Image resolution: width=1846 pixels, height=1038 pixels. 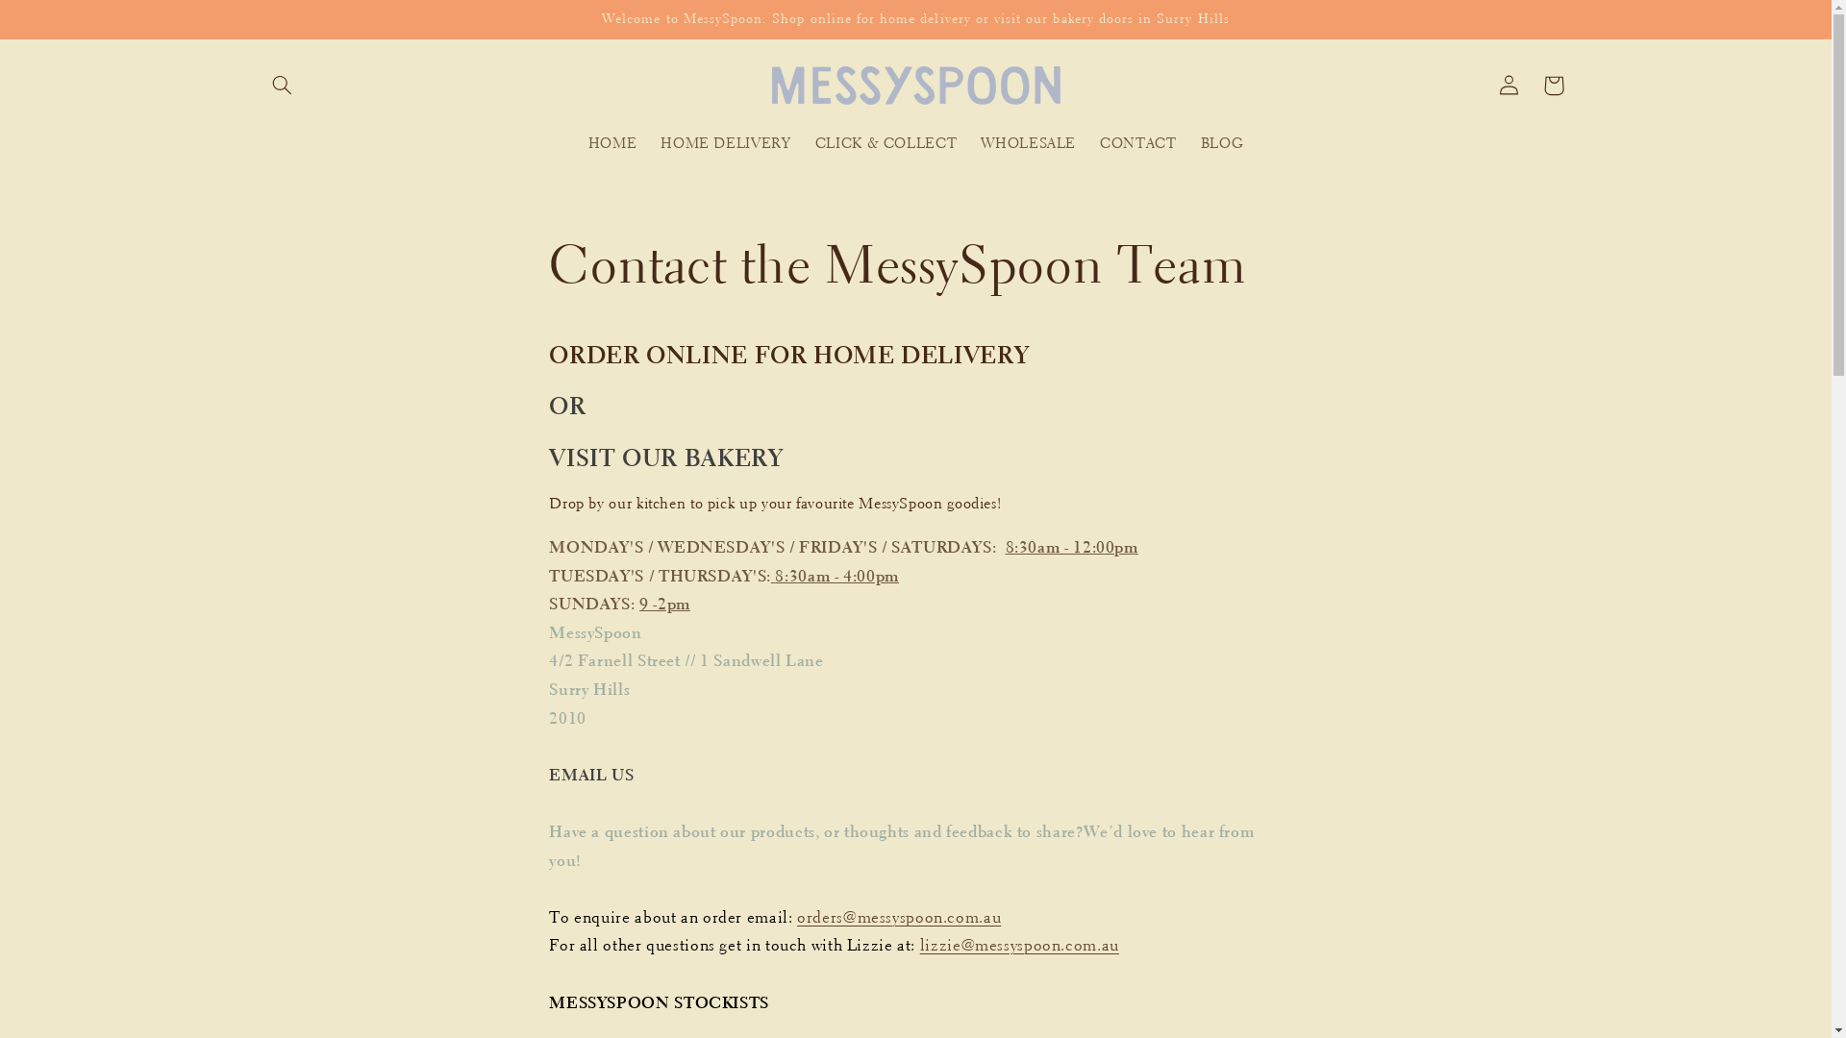 I want to click on 'Log in', so click(x=1485, y=84).